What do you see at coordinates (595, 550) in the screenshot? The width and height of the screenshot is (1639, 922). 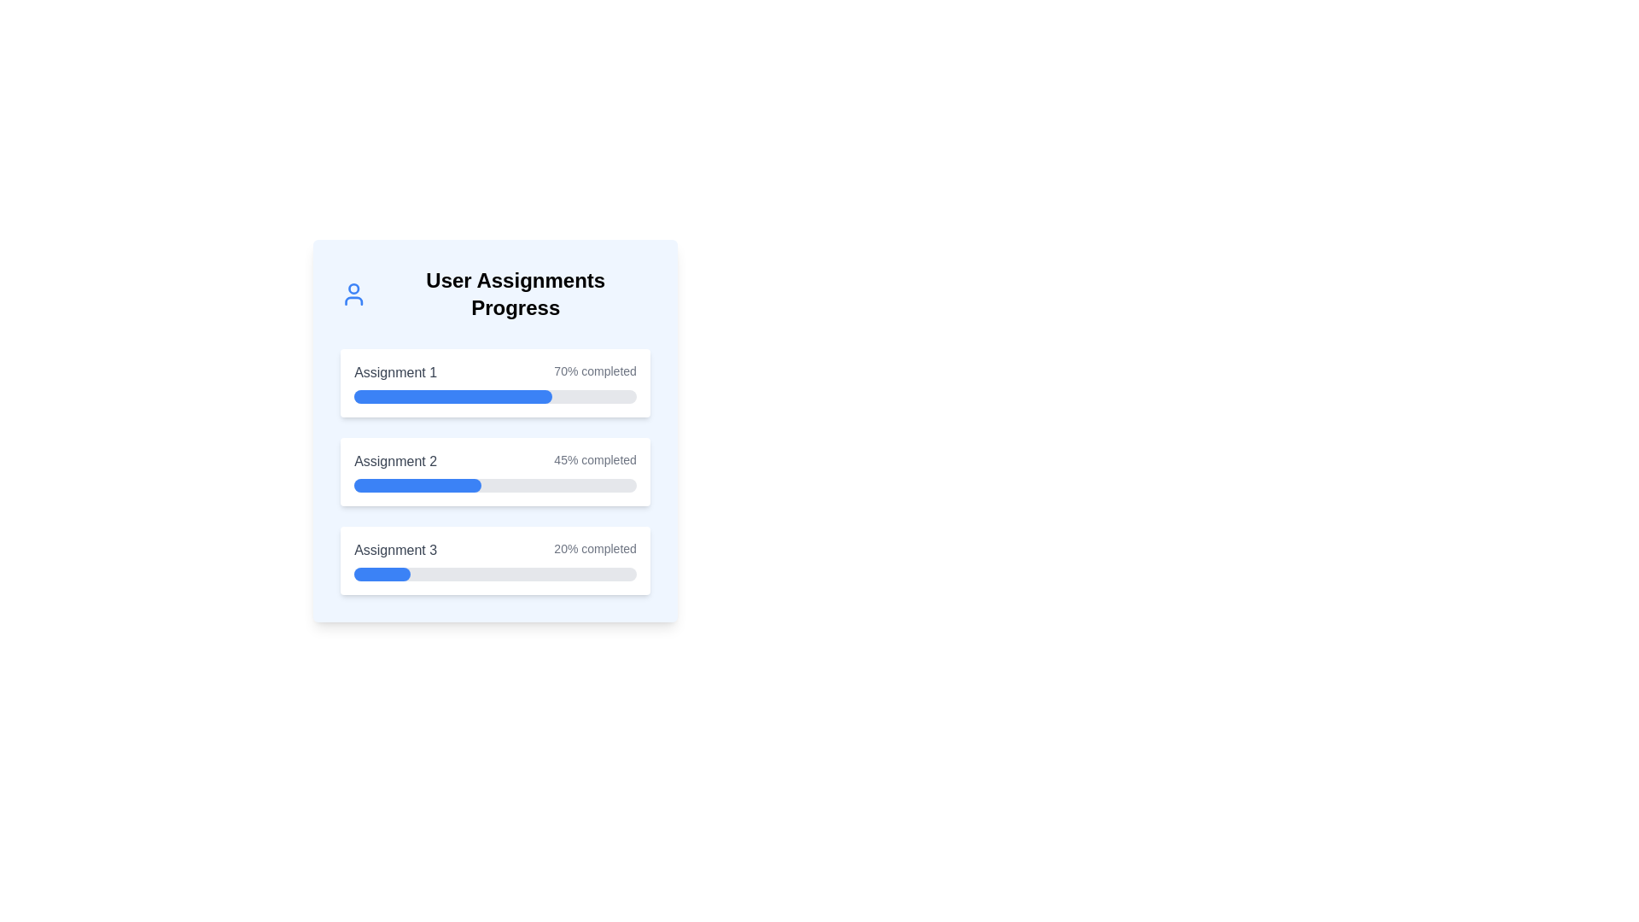 I see `the static text label displaying '20% completed', which is styled in light gray and positioned to the right of the 'Assignment 3' label within the progress section of the third card under 'User Assignments Progress'` at bounding box center [595, 550].